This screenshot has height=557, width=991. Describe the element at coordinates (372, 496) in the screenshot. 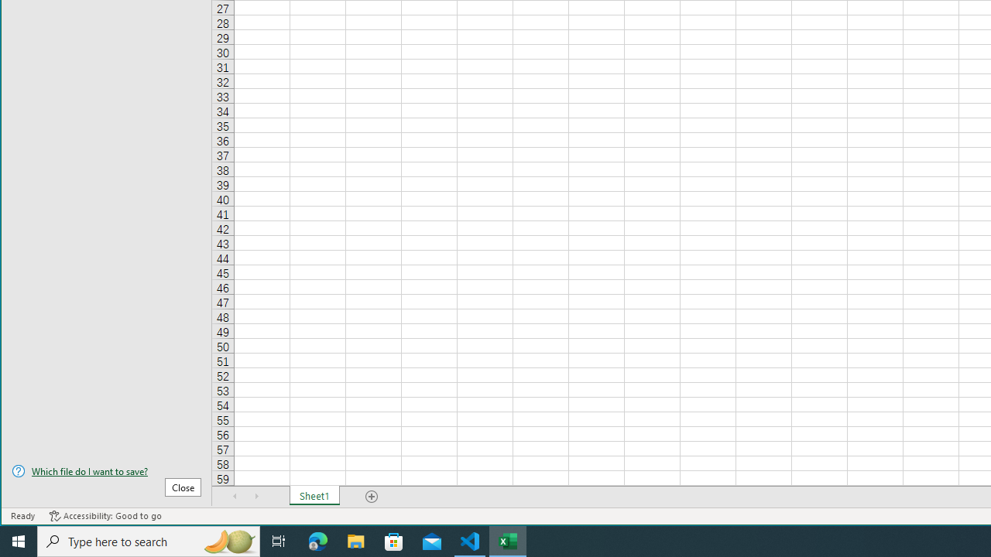

I see `'Add Sheet'` at that location.